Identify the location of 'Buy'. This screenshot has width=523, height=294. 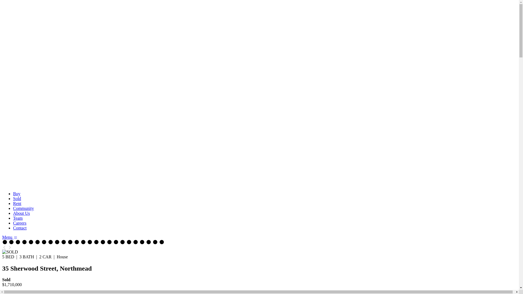
(17, 193).